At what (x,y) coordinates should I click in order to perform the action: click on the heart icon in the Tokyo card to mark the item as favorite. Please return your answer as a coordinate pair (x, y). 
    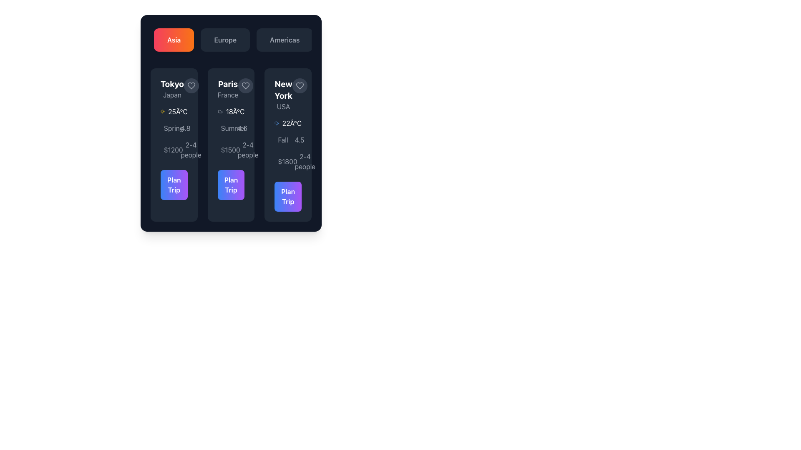
    Looking at the image, I should click on (191, 85).